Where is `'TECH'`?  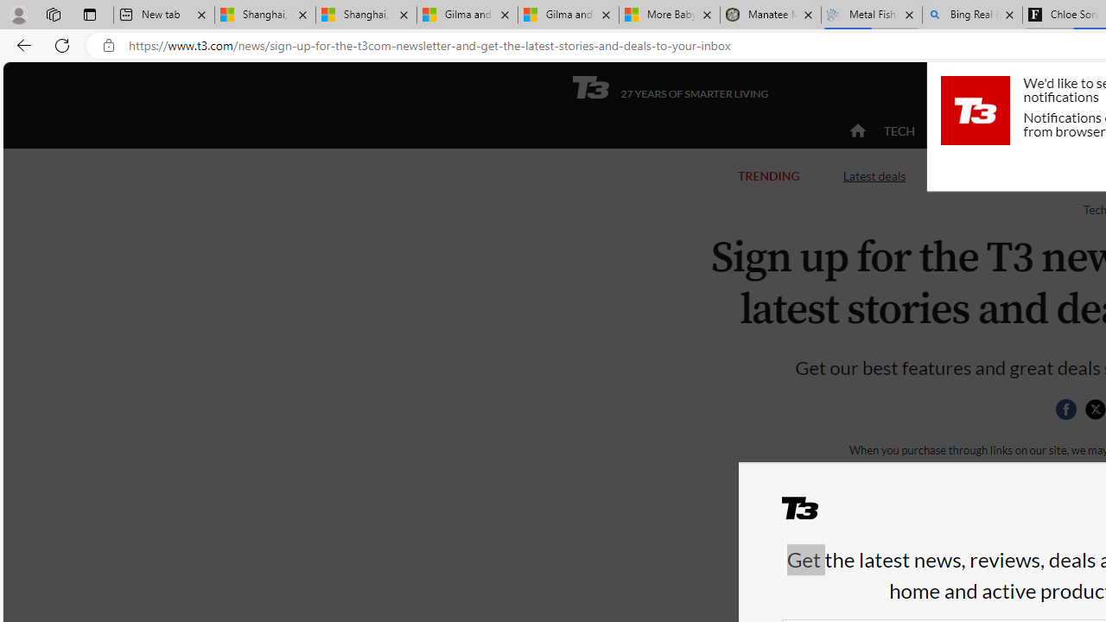 'TECH' is located at coordinates (899, 130).